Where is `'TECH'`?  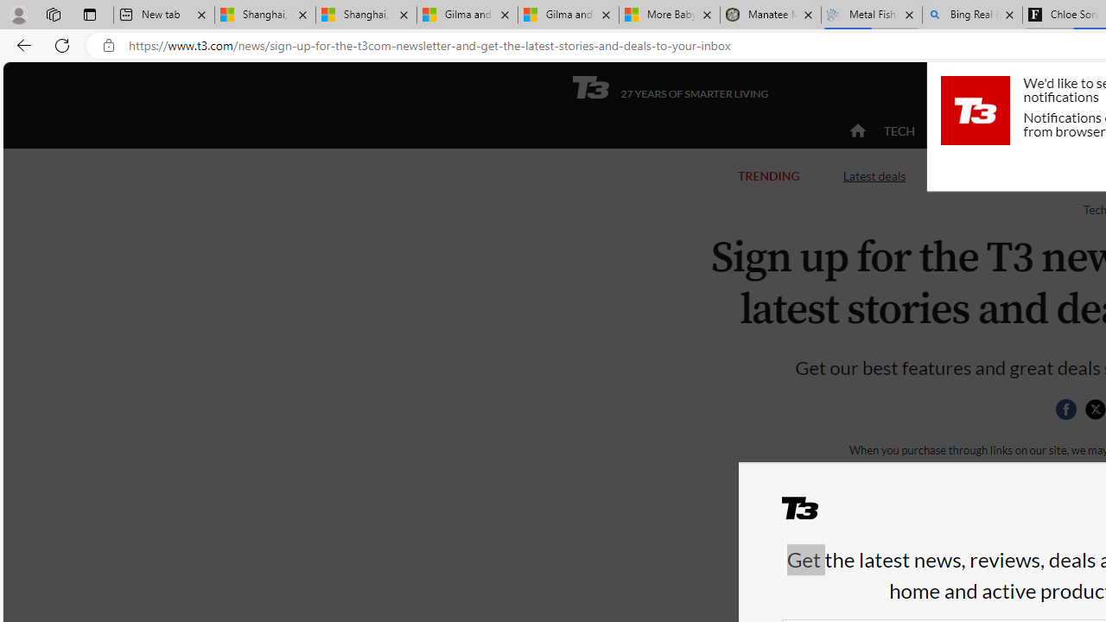 'TECH' is located at coordinates (899, 130).